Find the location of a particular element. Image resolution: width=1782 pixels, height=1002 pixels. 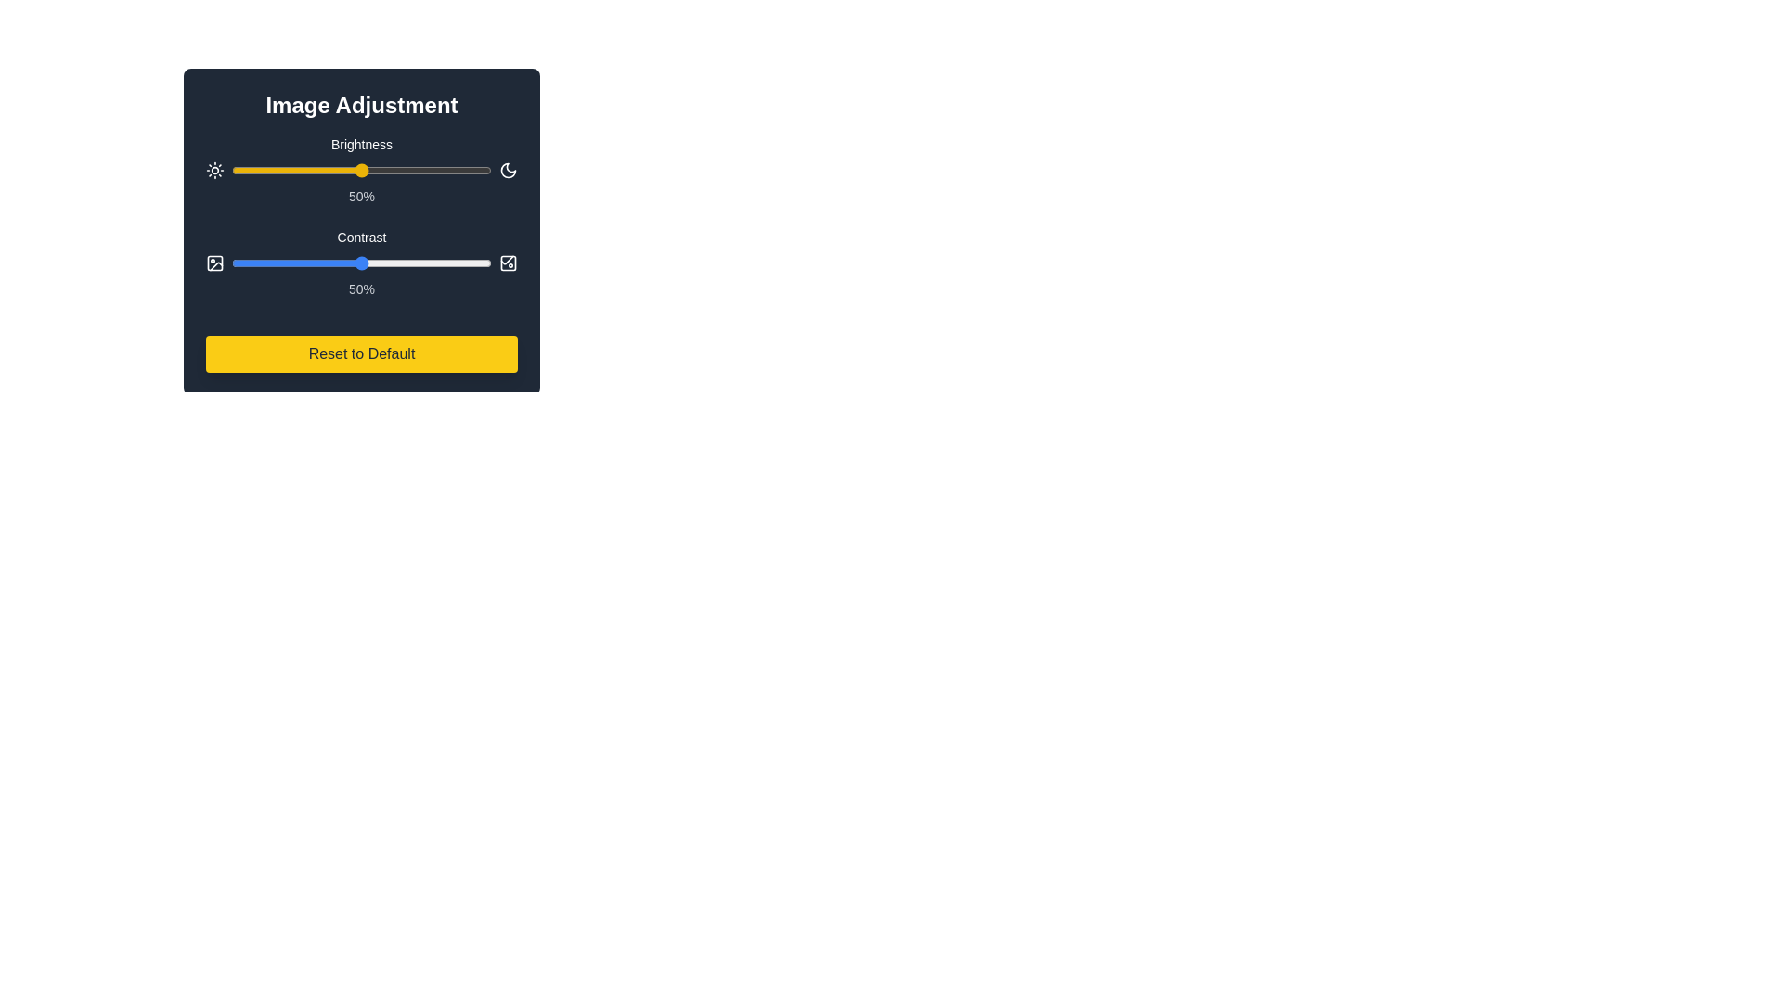

contrast is located at coordinates (476, 263).